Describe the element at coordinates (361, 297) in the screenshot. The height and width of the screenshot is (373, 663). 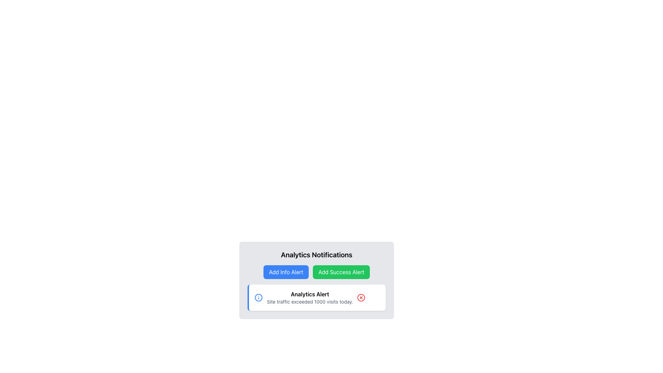
I see `the Close icon located in the bottom right area of the 'Analytics Alert' notification card` at that location.